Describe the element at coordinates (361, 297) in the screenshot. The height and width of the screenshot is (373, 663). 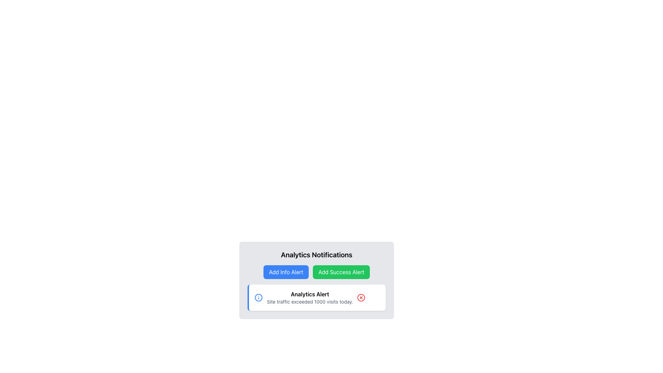
I see `the Close icon located in the bottom right area of the 'Analytics Alert' notification card` at that location.